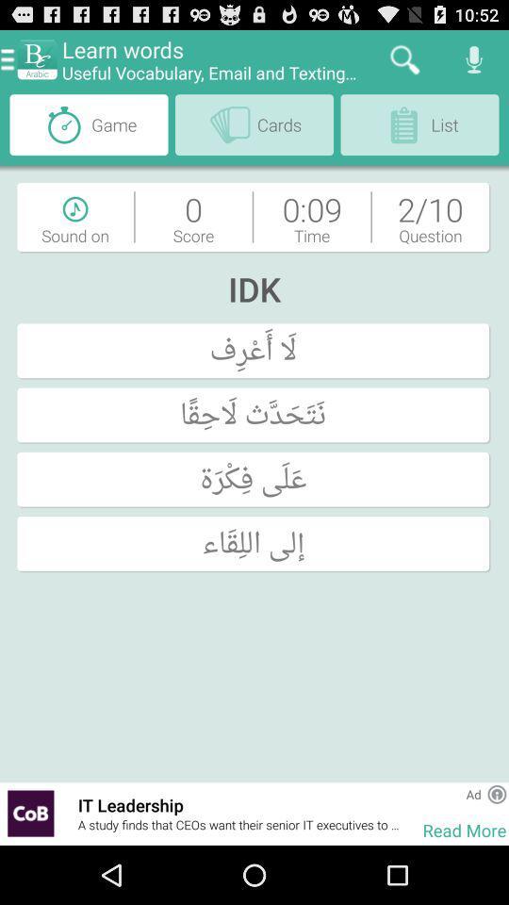 This screenshot has width=509, height=905. I want to click on app above read more, so click(497, 793).